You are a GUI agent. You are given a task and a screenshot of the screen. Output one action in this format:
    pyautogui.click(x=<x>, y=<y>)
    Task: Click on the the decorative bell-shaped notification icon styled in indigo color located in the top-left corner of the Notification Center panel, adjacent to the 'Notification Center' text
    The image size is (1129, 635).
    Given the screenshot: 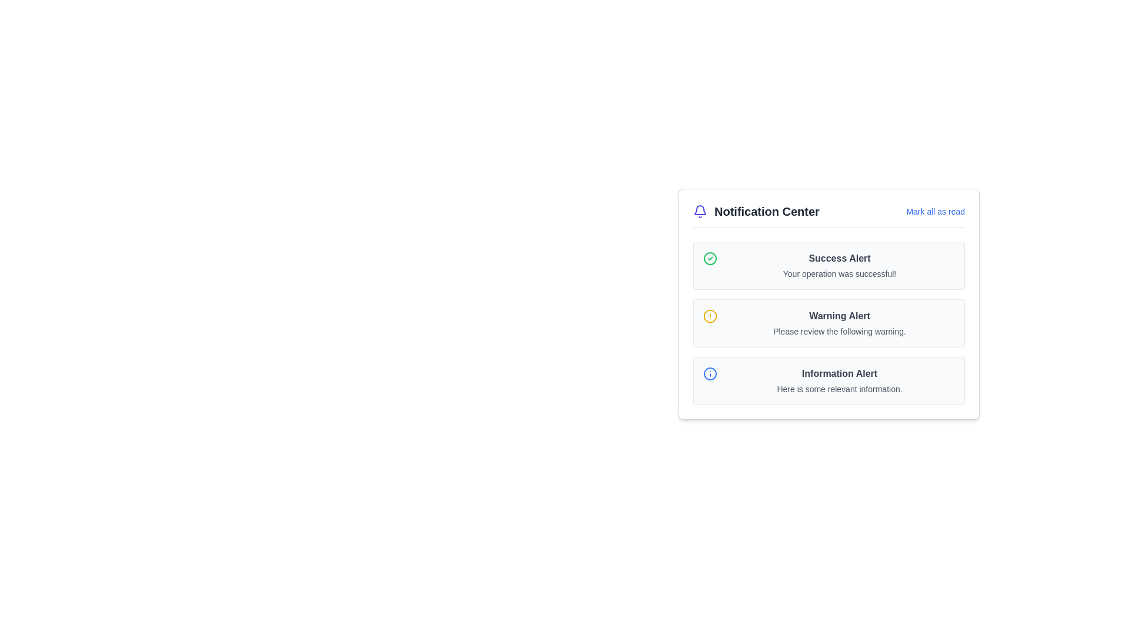 What is the action you would take?
    pyautogui.click(x=700, y=209)
    